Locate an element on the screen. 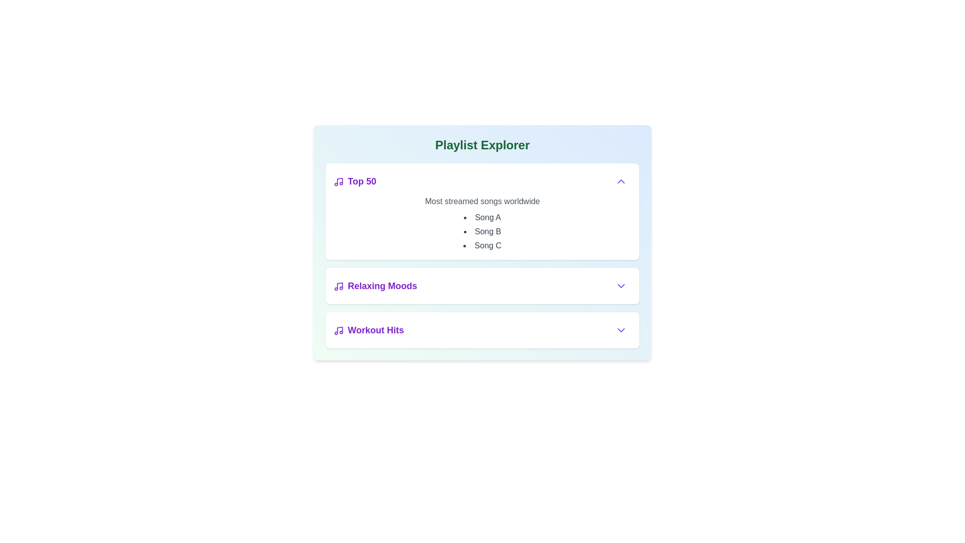 This screenshot has width=965, height=543. the text 'Top 50' in the Playlist Viewer is located at coordinates (354, 182).